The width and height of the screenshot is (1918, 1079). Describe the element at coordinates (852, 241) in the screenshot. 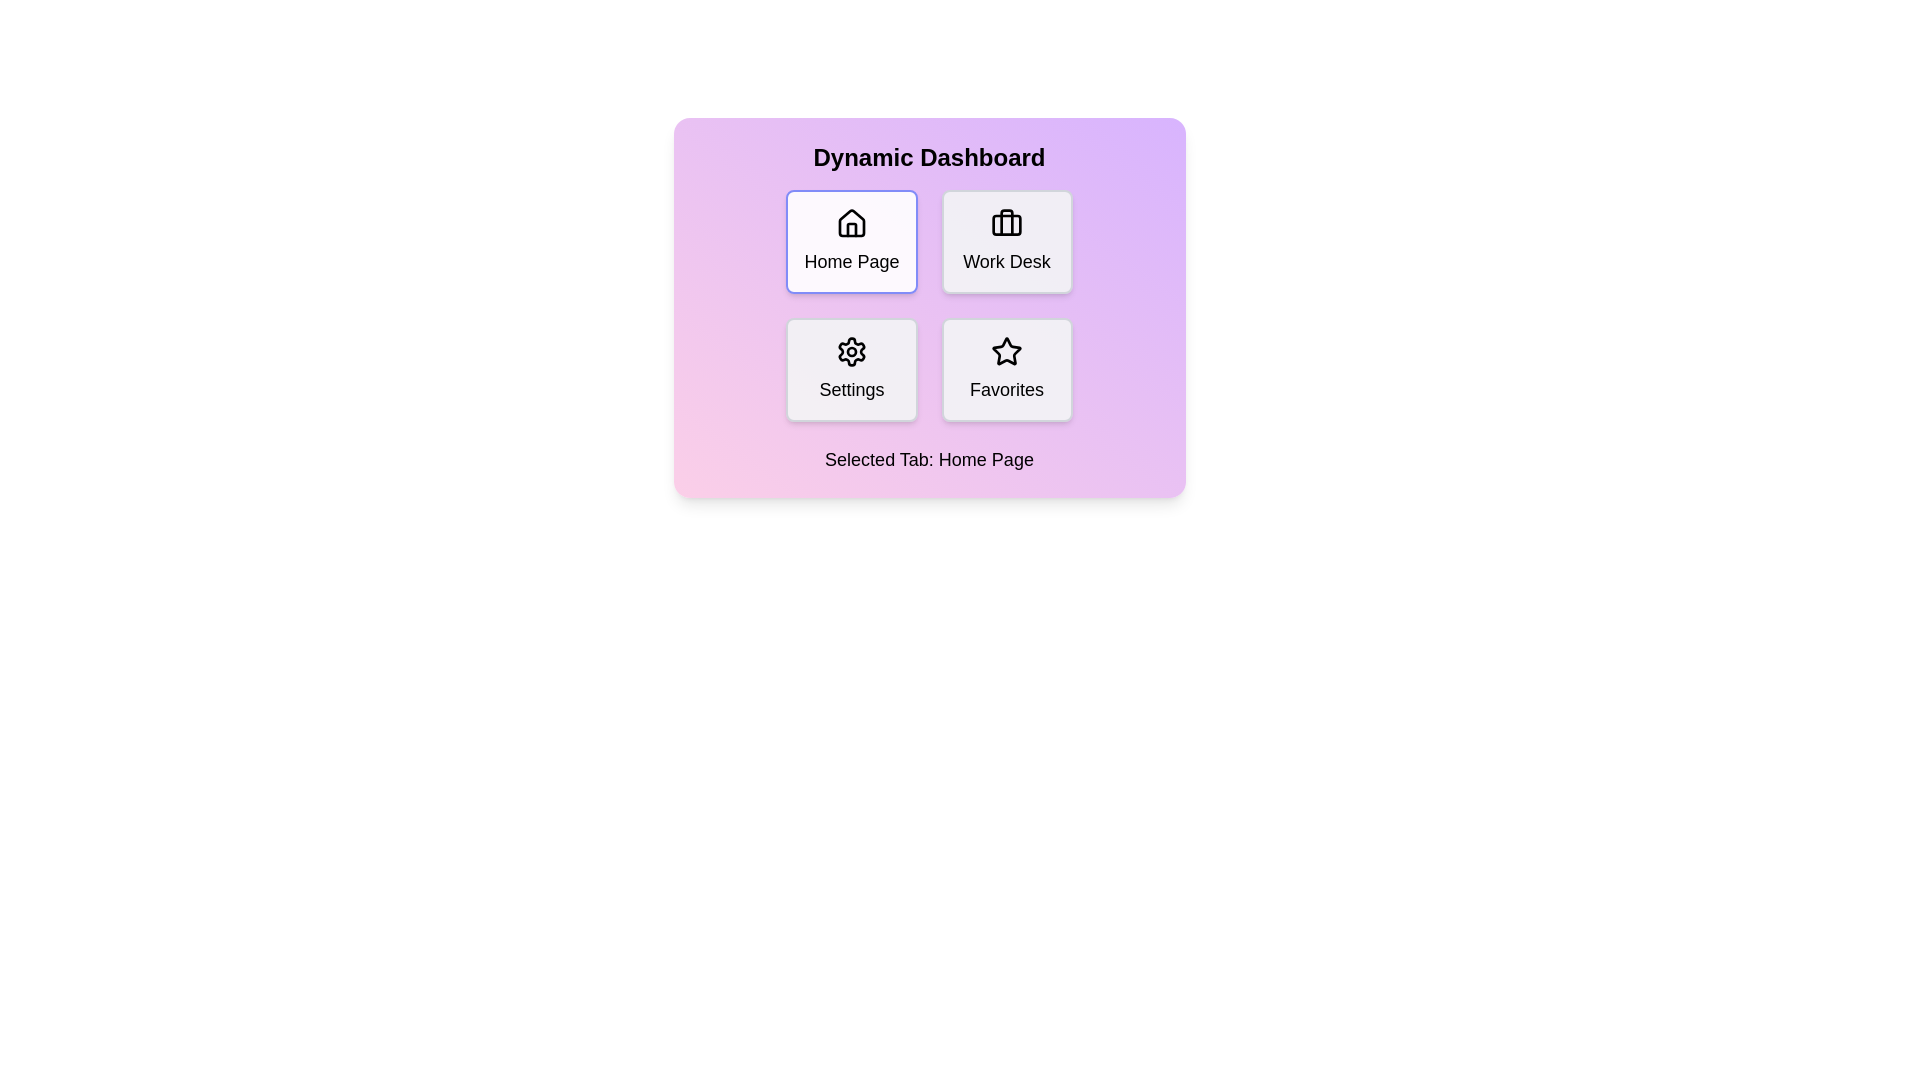

I see `the button labeled Home Page to observe the hover effect` at that location.